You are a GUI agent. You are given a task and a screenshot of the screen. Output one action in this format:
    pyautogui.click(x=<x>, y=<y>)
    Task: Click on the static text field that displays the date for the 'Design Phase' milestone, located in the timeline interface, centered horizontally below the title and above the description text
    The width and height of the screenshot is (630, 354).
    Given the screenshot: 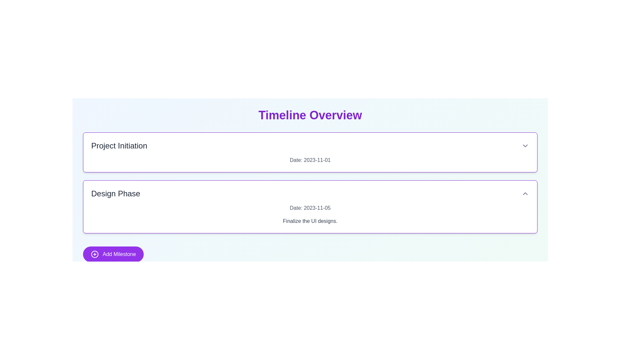 What is the action you would take?
    pyautogui.click(x=310, y=208)
    